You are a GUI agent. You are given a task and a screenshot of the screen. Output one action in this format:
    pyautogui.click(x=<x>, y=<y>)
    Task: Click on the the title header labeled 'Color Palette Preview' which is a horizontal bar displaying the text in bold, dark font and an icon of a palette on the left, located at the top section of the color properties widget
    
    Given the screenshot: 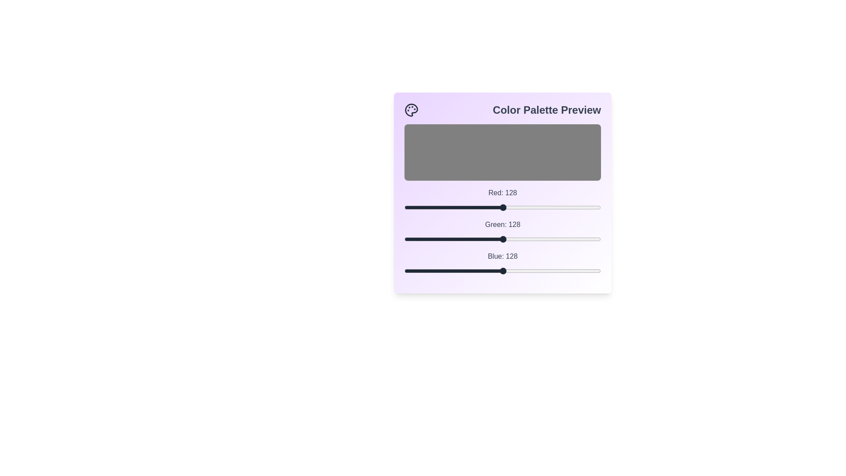 What is the action you would take?
    pyautogui.click(x=503, y=110)
    